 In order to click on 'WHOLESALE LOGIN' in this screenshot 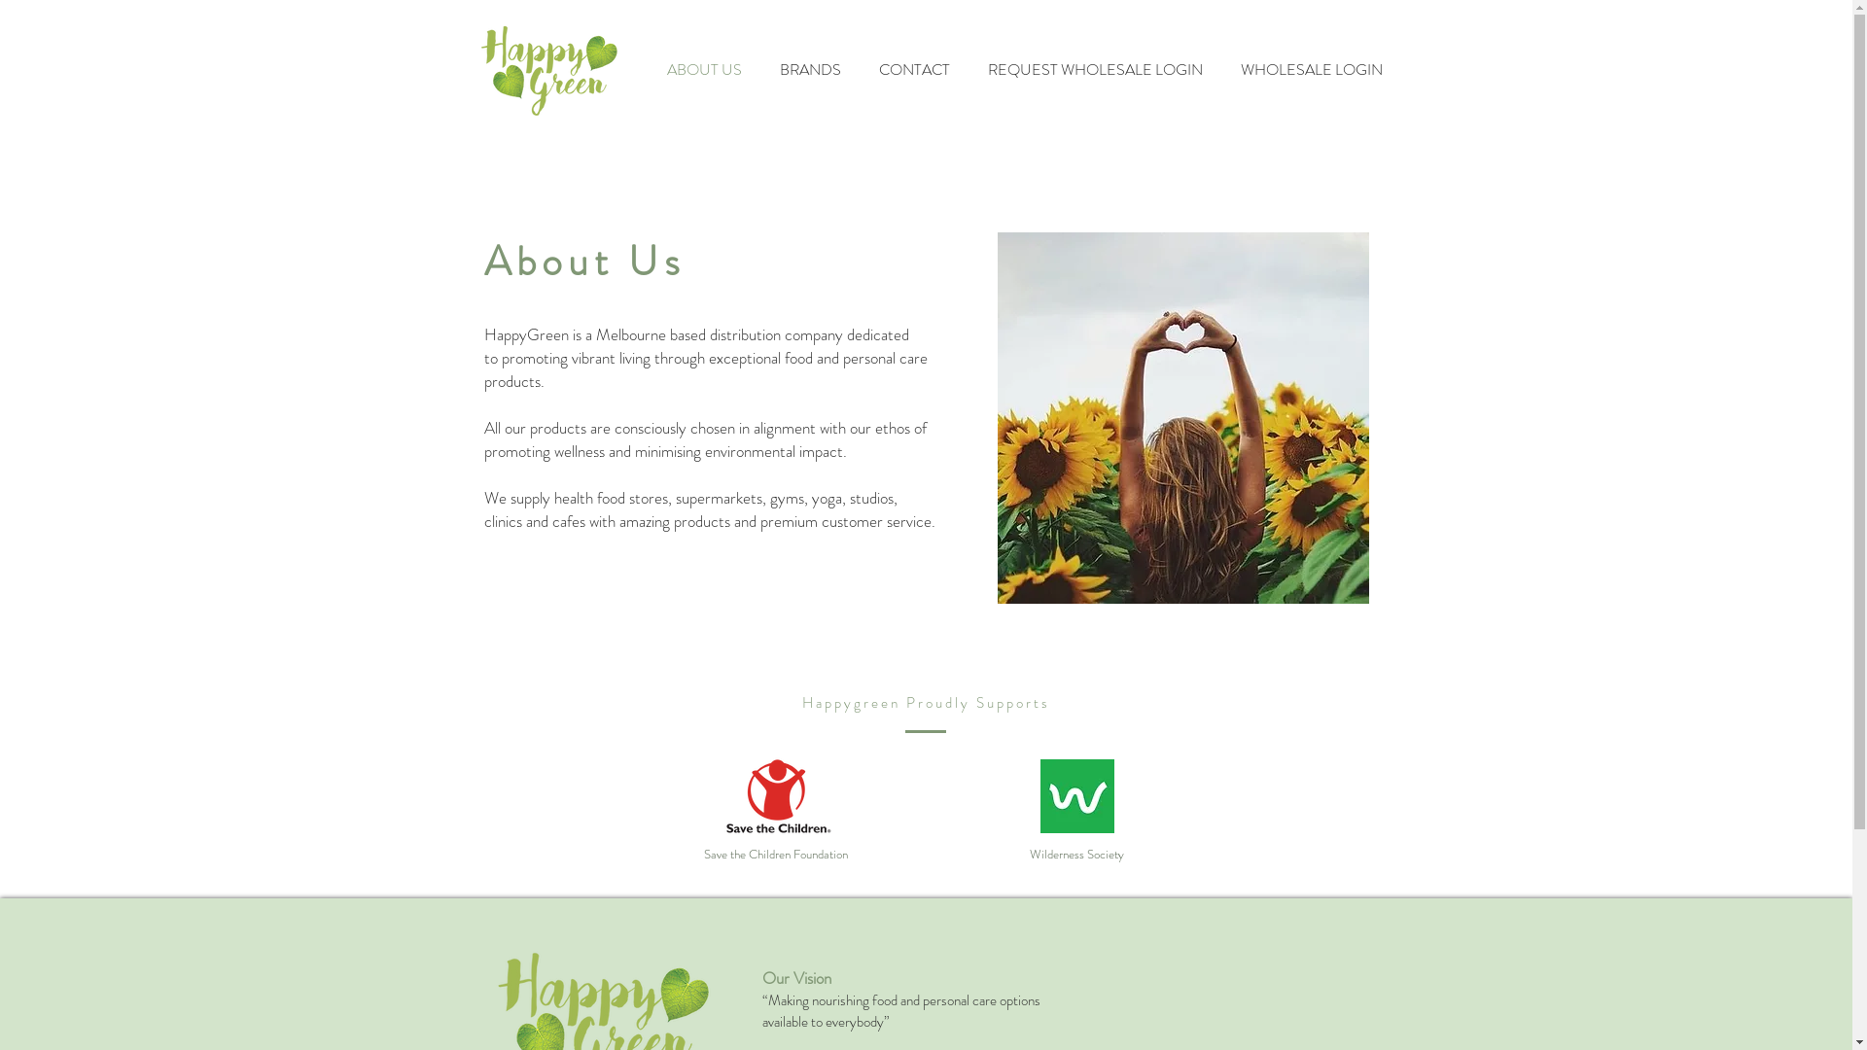, I will do `click(1311, 69)`.